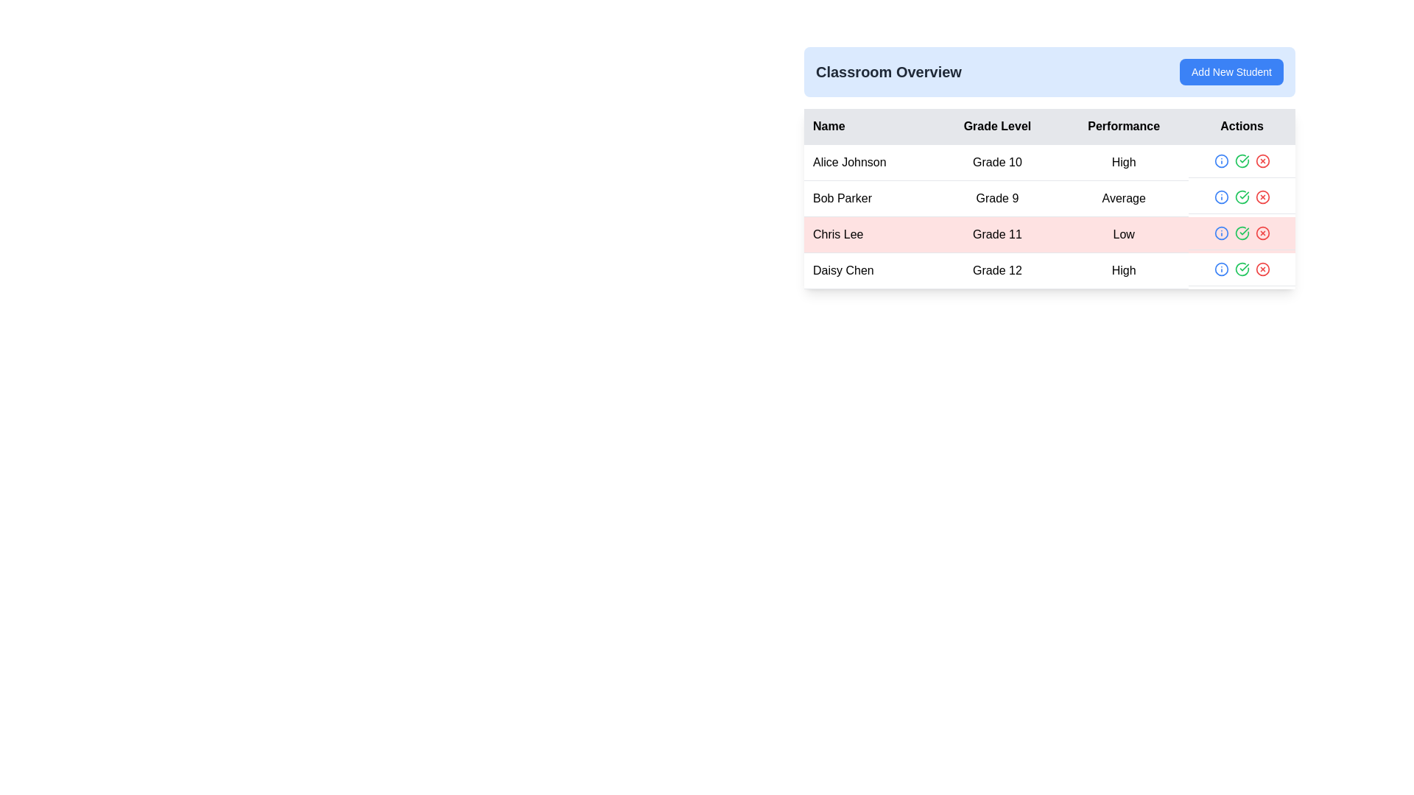  Describe the element at coordinates (887, 71) in the screenshot. I see `the Text Label that serves as the title for the interface section, located to the left of the 'Add New Student' button in the blue header block above the table` at that location.